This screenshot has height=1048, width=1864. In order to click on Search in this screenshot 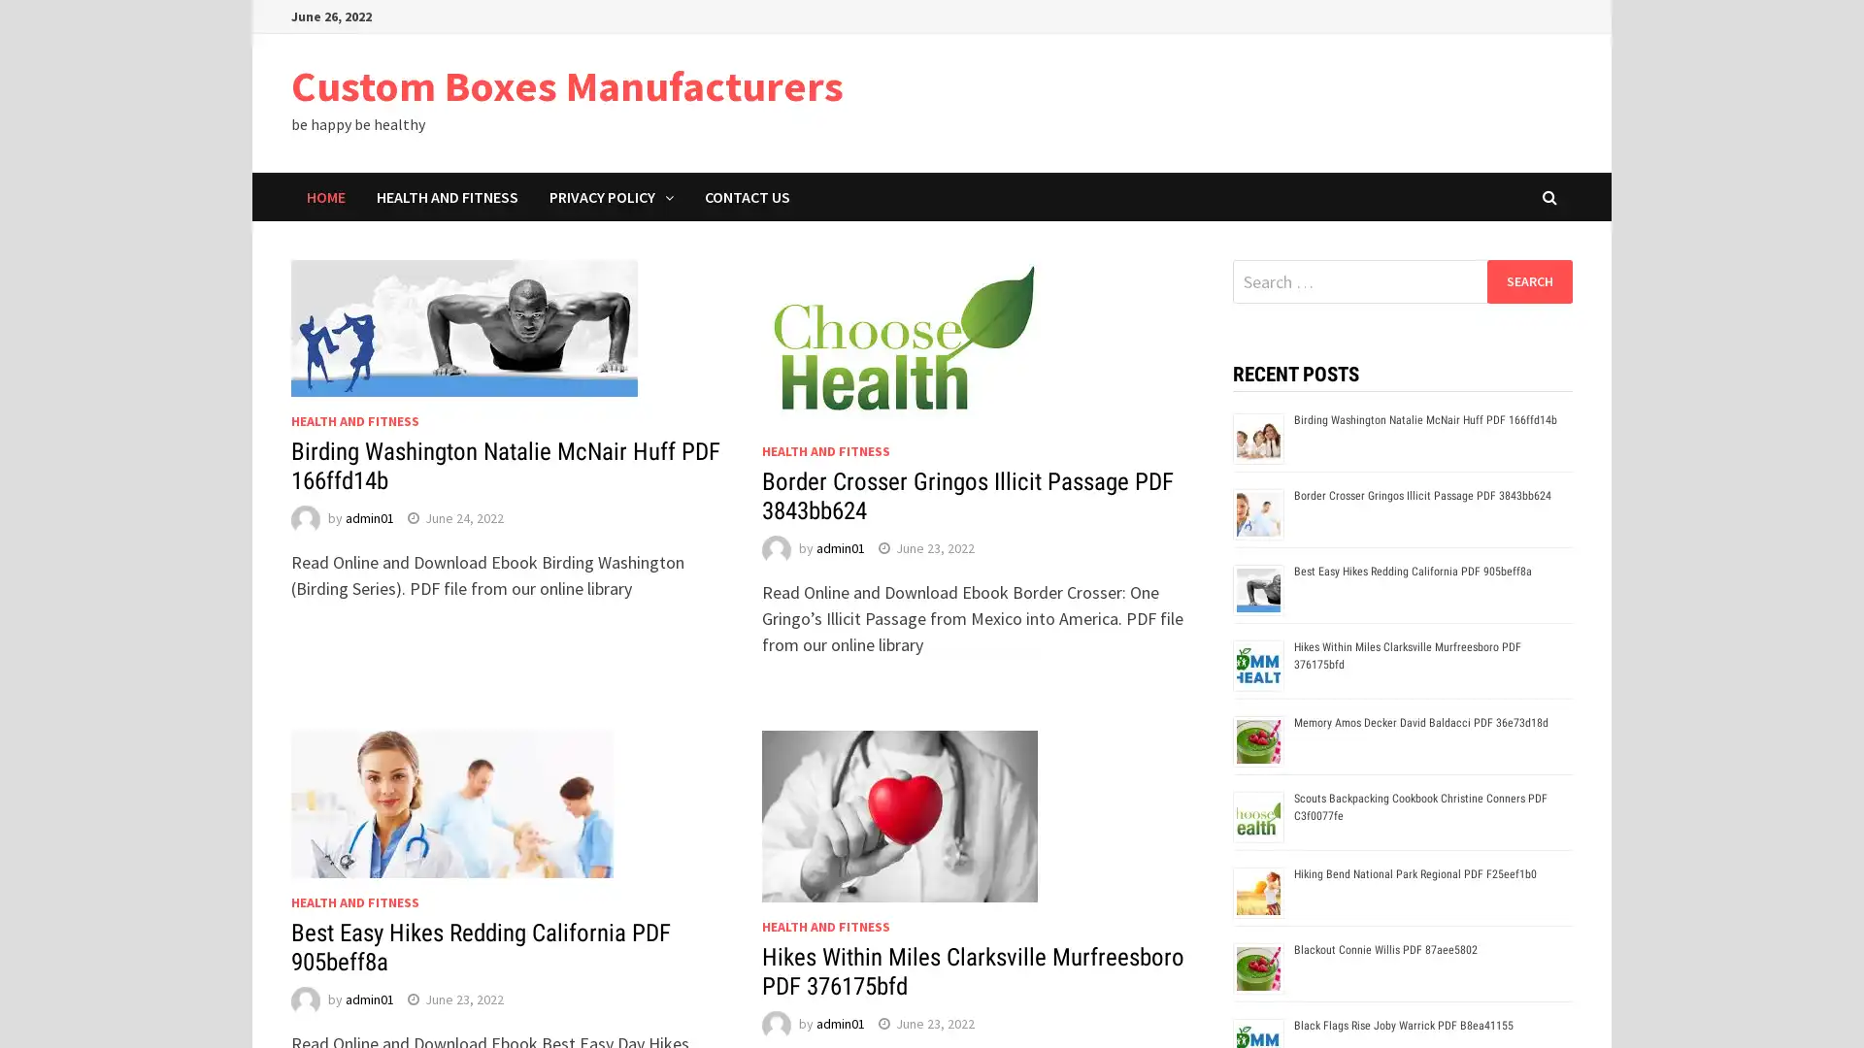, I will do `click(1528, 280)`.